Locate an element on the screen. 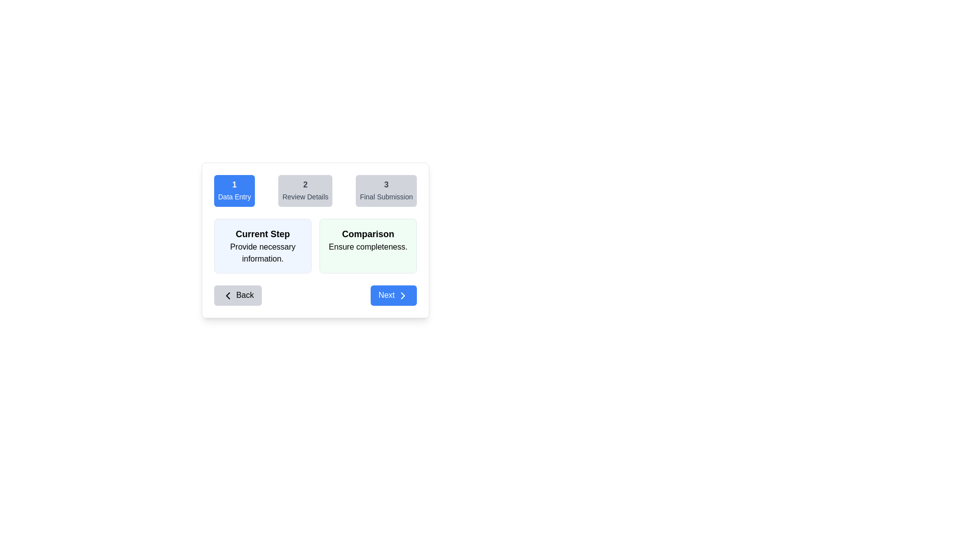 This screenshot has height=537, width=954. the second interactive button from the right in the navigation section to proceed to the next step is located at coordinates (393, 295).